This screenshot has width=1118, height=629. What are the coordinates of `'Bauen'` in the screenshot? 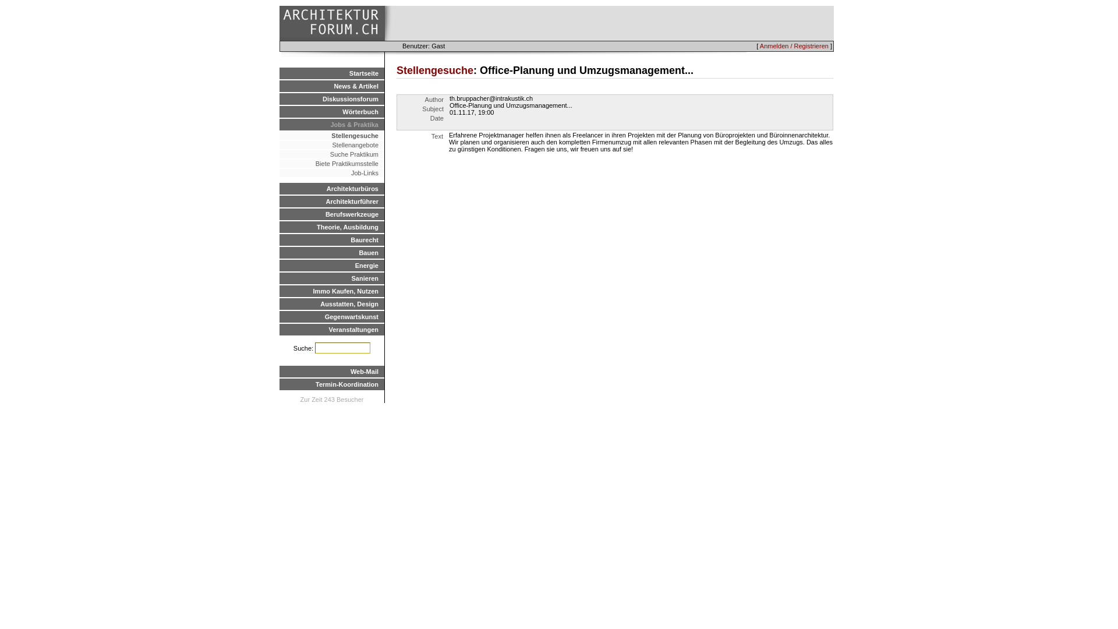 It's located at (331, 252).